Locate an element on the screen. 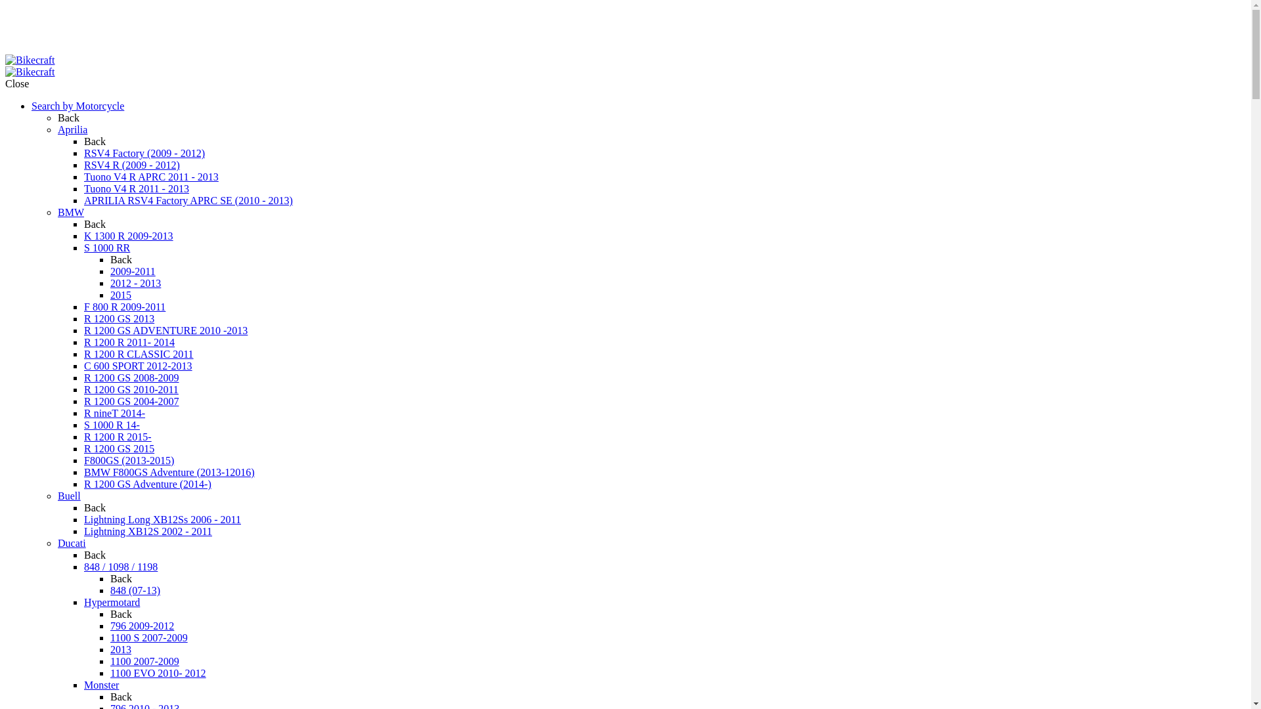 This screenshot has width=1261, height=709. 'C 600 SPORT 2012-2013' is located at coordinates (138, 366).